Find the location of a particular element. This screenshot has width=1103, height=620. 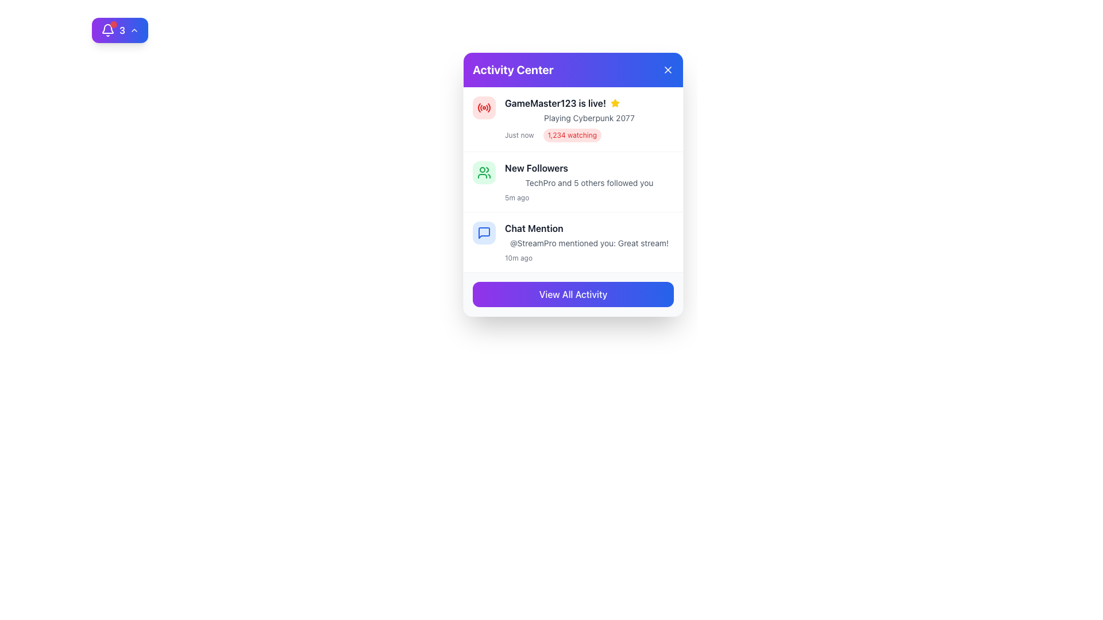

the Notification Item that notifies the user of new followers, positioned below 'GameMaster123 is live!' and above 'Chat Mention' in the Activity Center panel to navigate or highlight it is located at coordinates (573, 181).